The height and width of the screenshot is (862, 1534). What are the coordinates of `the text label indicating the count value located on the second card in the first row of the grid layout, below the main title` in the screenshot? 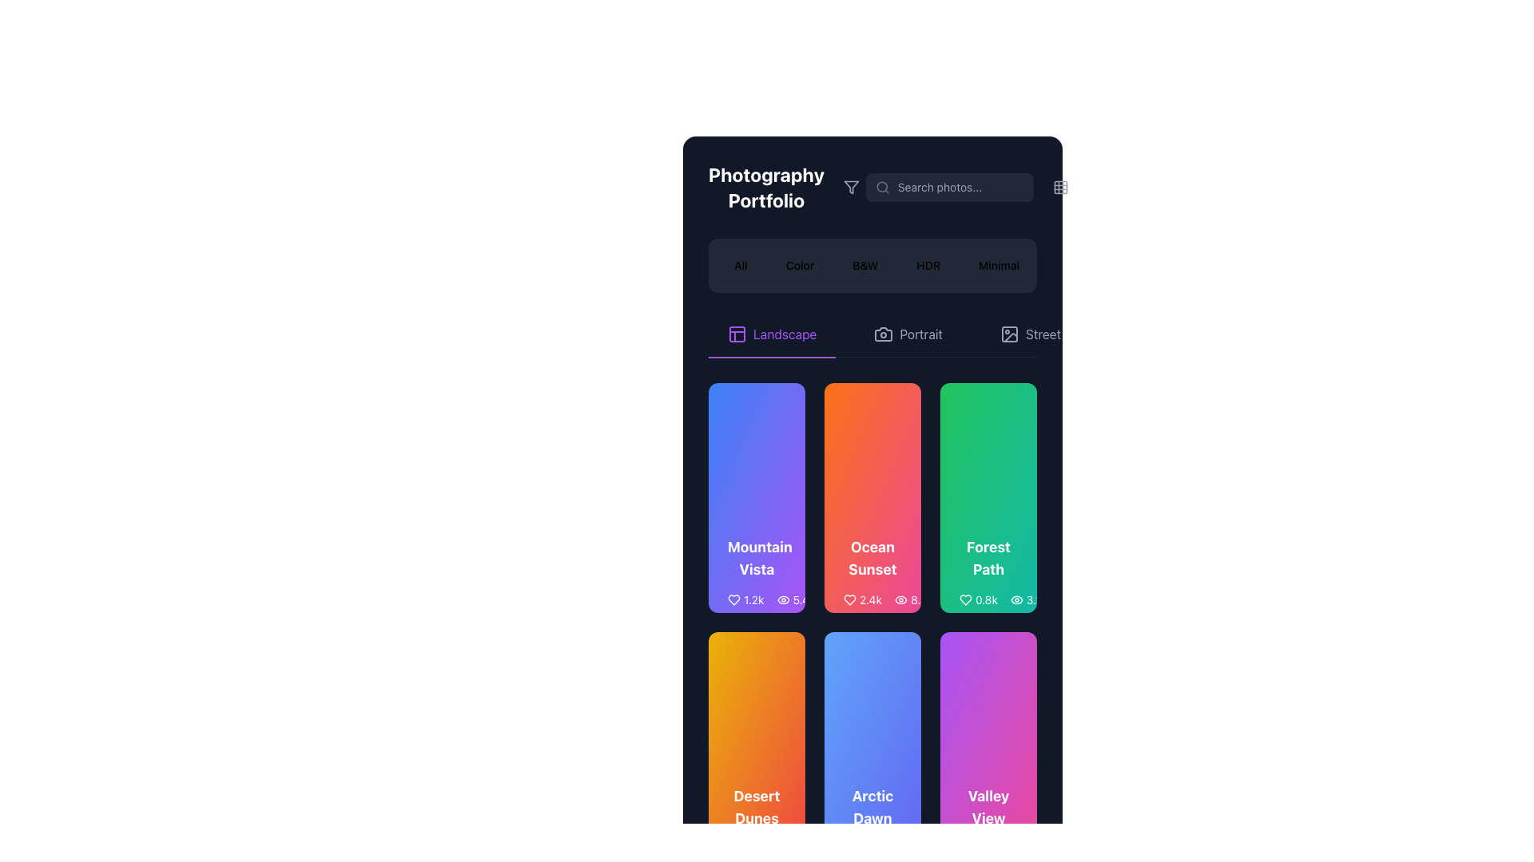 It's located at (796, 600).